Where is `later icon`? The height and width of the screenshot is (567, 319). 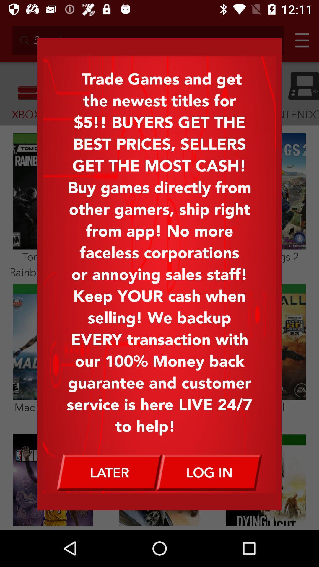 later icon is located at coordinates (109, 472).